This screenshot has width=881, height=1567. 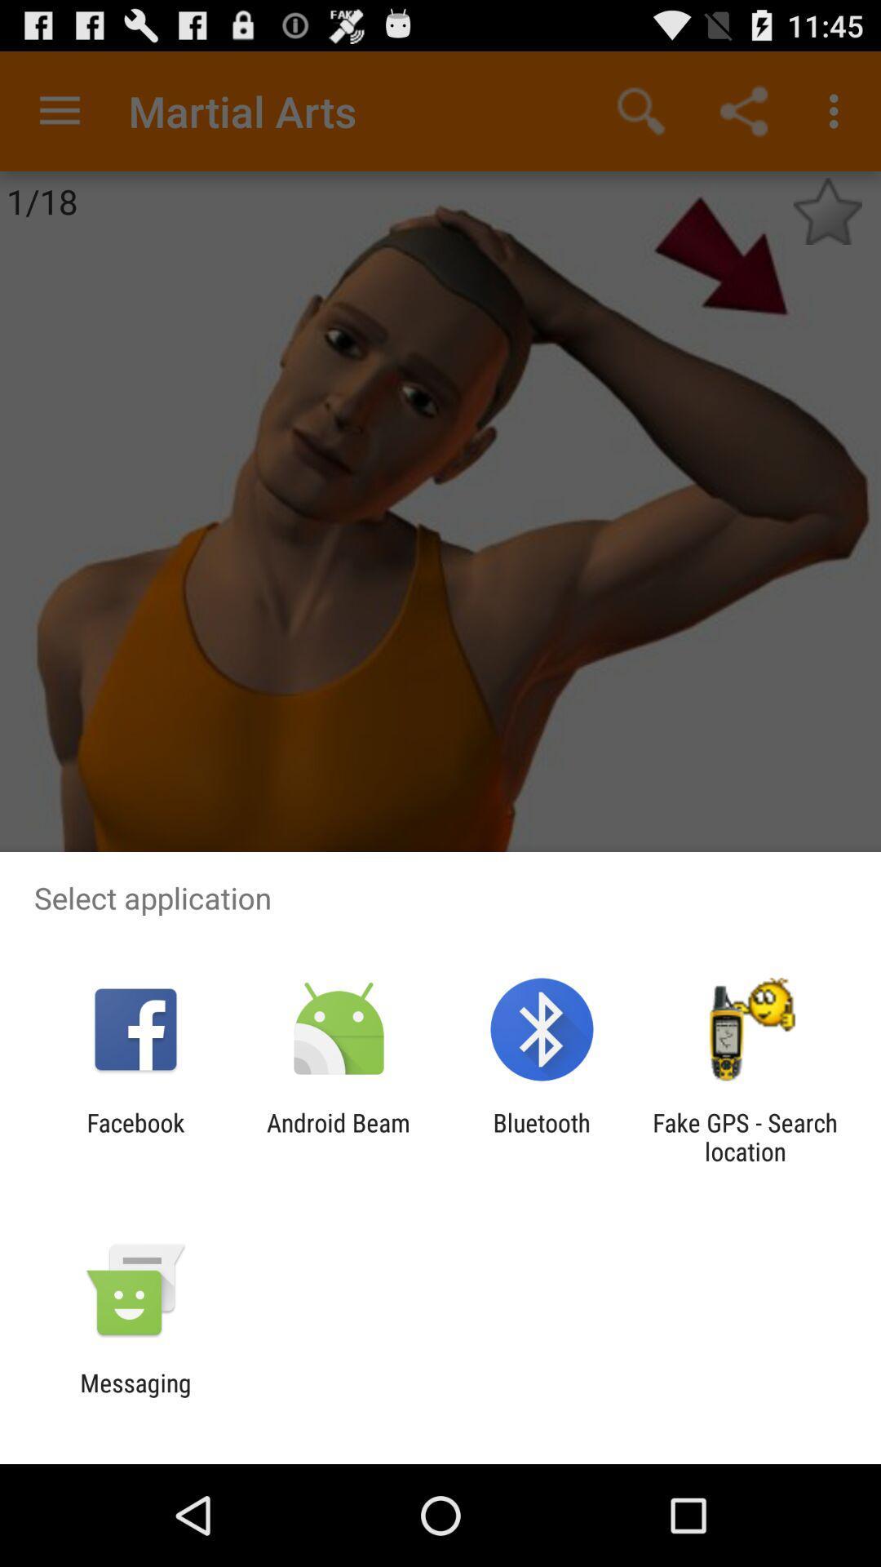 I want to click on the fake gps search app, so click(x=745, y=1136).